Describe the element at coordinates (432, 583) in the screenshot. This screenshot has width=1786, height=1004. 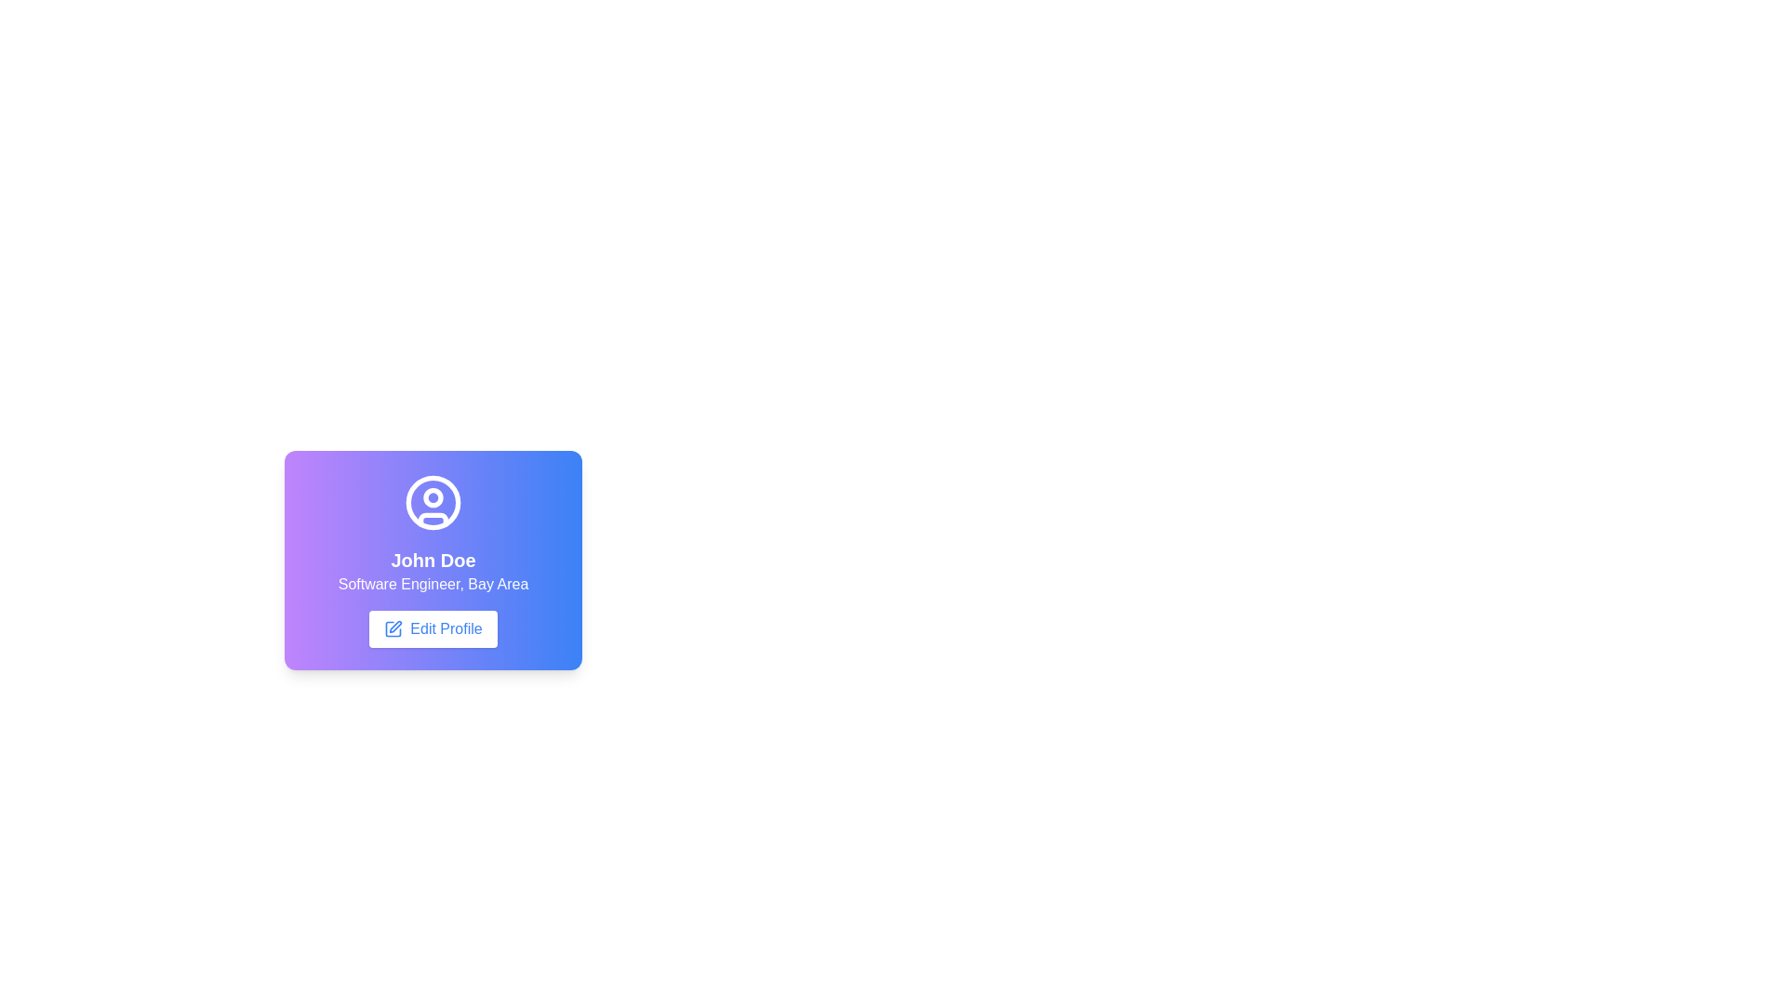
I see `the static text element indicating the profession and location associated with the profile view, located beneath 'John Doe' and above the 'Edit Profile' button` at that location.